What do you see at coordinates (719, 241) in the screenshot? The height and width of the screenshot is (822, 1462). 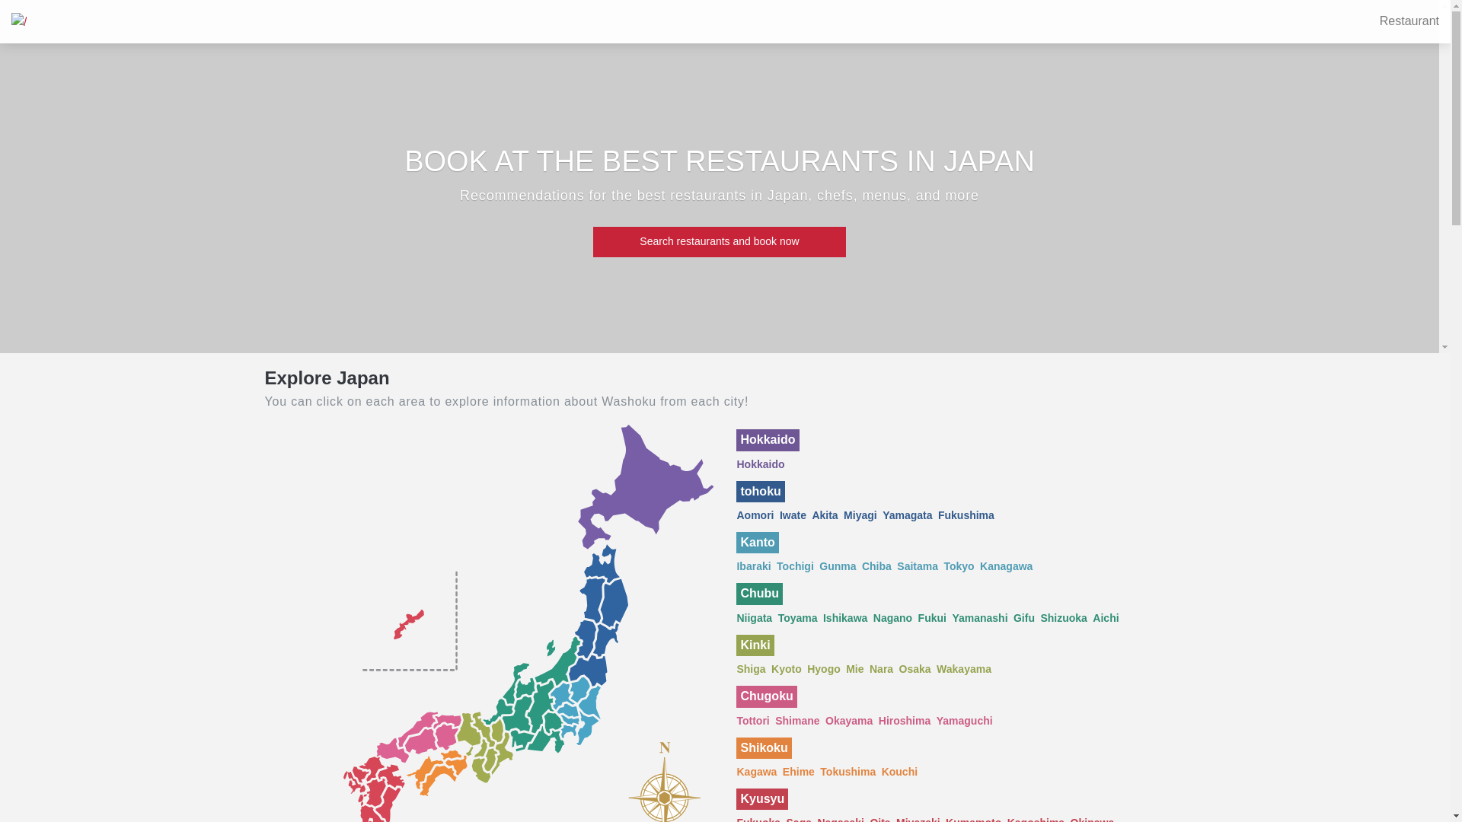 I see `'Search restaurants and book now'` at bounding box center [719, 241].